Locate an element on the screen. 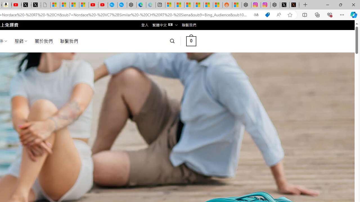  'Nordace - Nordace has arrived Hong Kong' is located at coordinates (131, 5).